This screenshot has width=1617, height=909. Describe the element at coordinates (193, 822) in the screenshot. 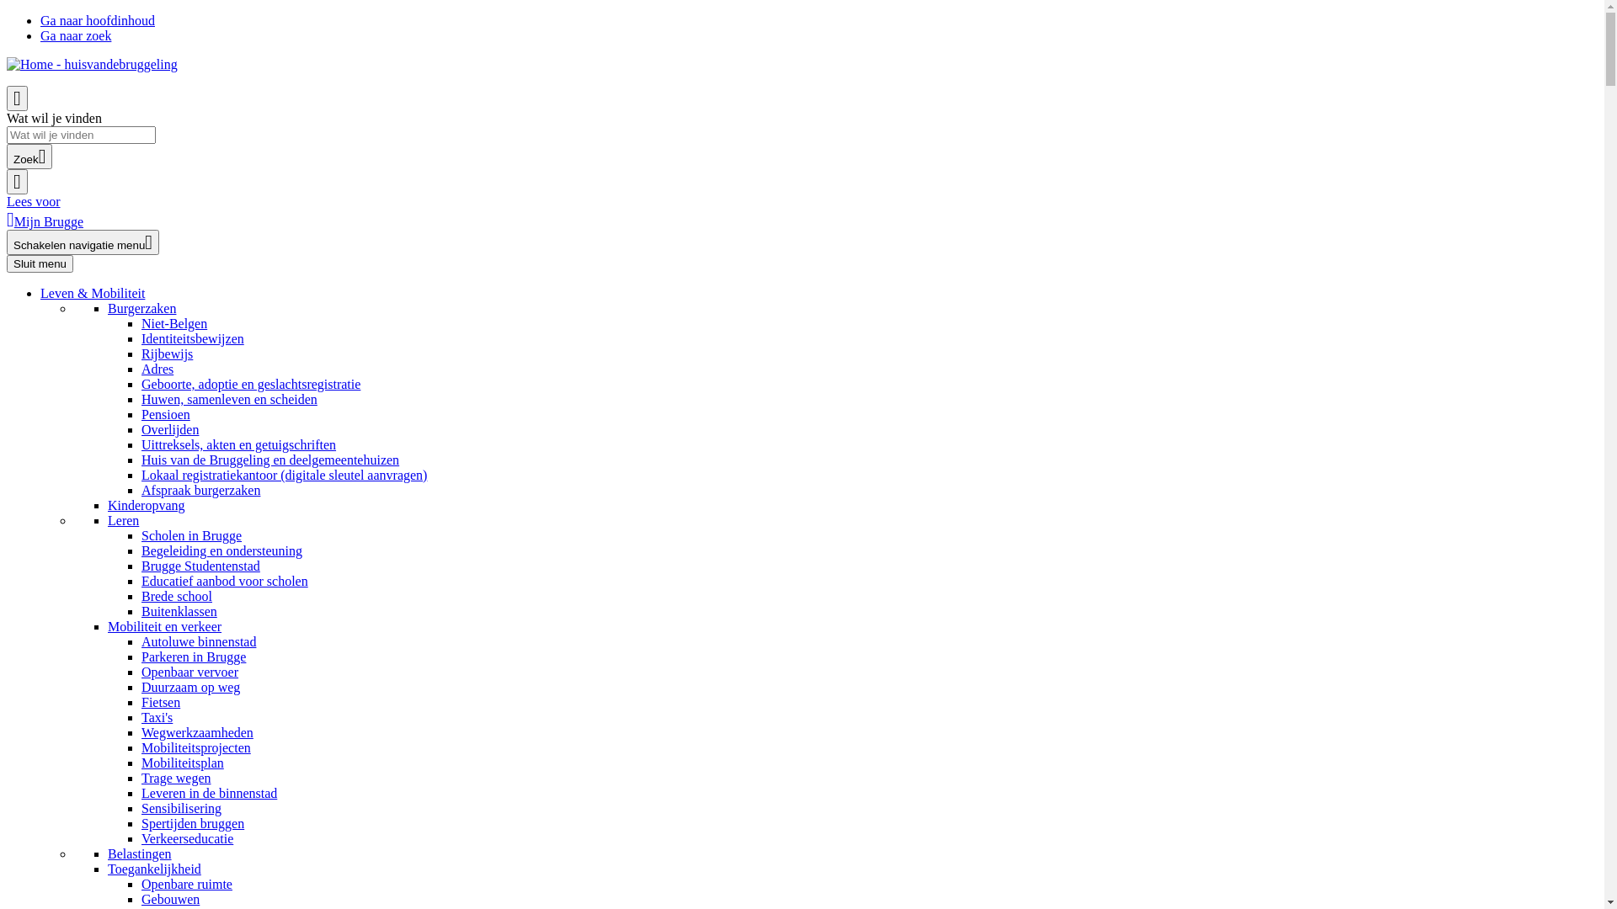

I see `'Spertijden bruggen'` at that location.